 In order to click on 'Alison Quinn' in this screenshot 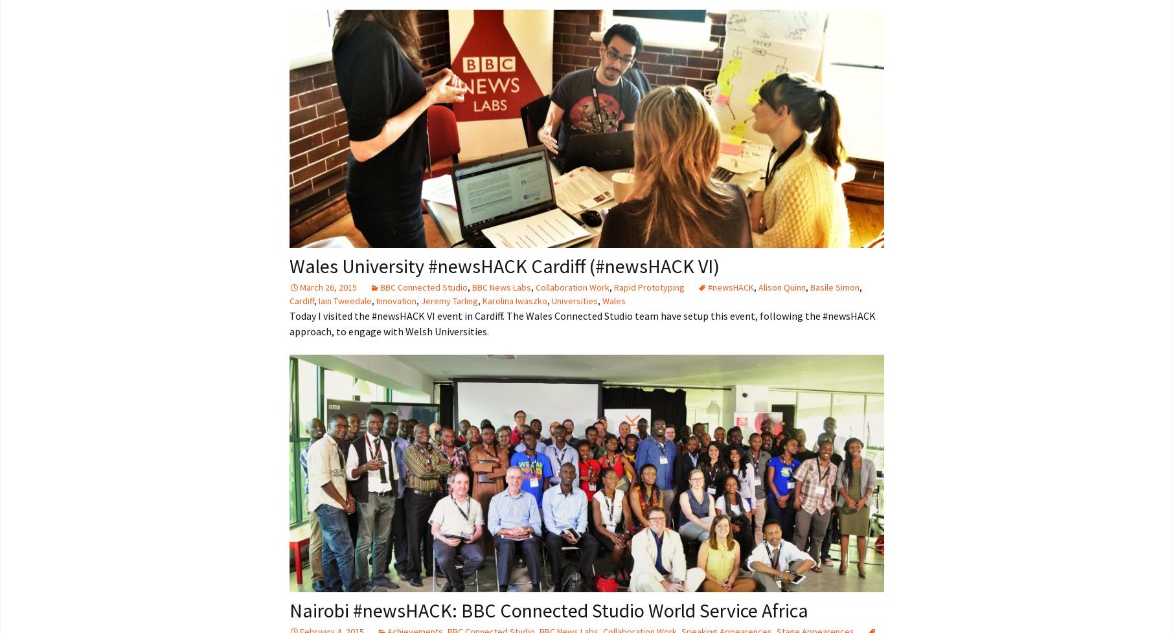, I will do `click(780, 286)`.